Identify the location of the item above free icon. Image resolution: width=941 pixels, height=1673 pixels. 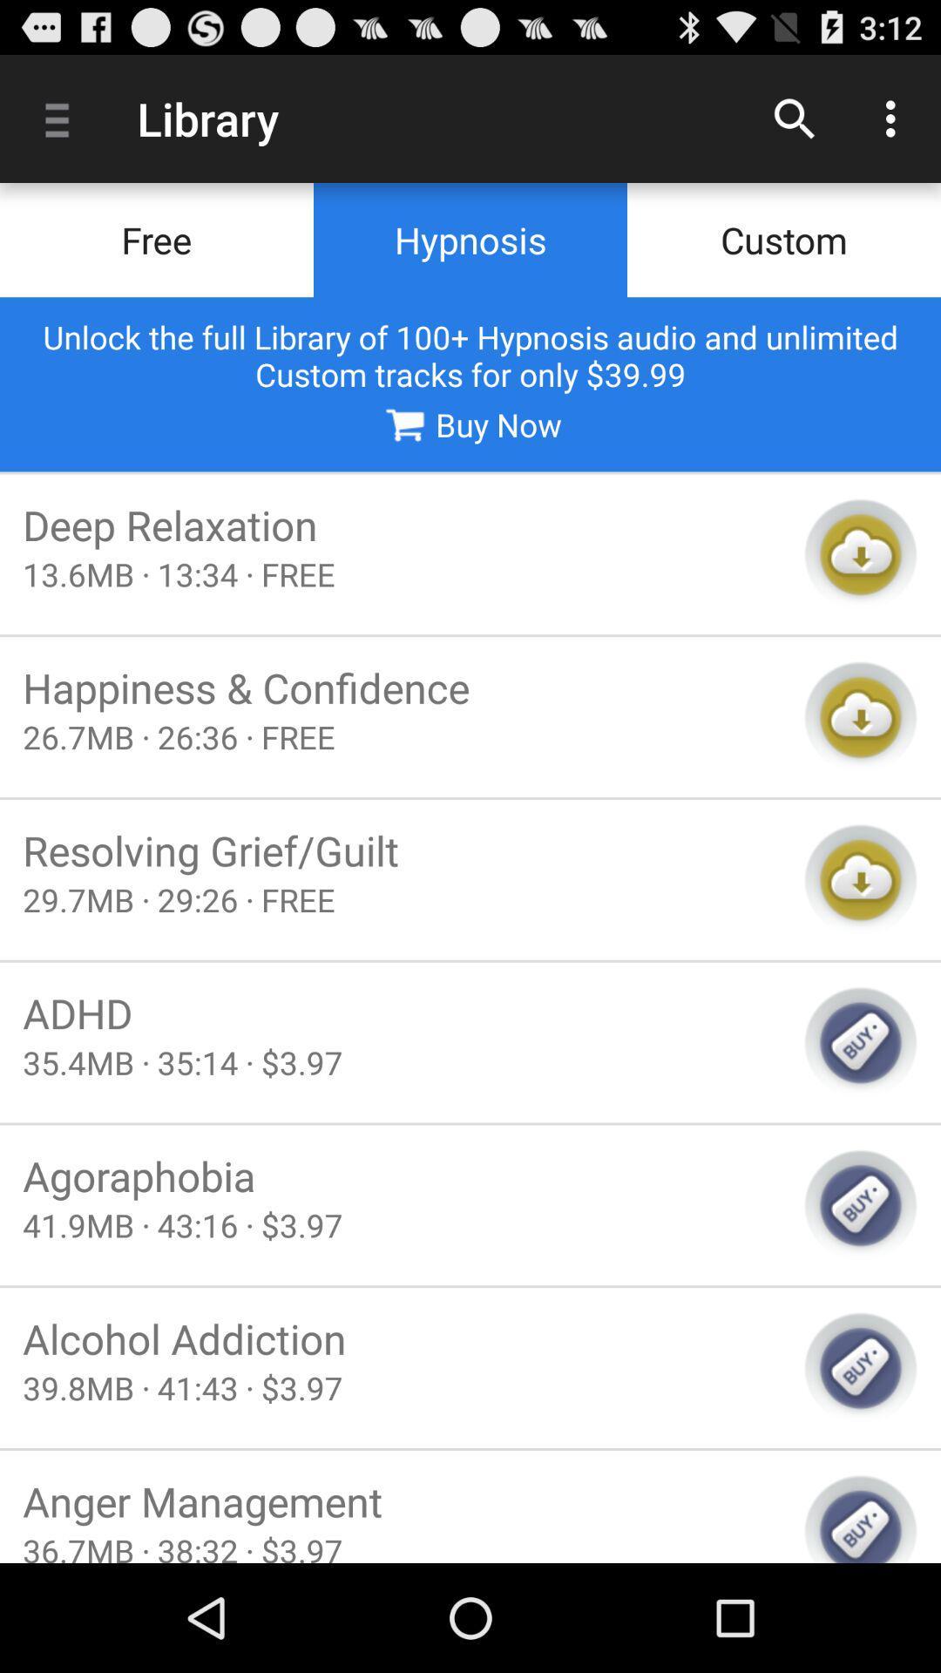
(63, 118).